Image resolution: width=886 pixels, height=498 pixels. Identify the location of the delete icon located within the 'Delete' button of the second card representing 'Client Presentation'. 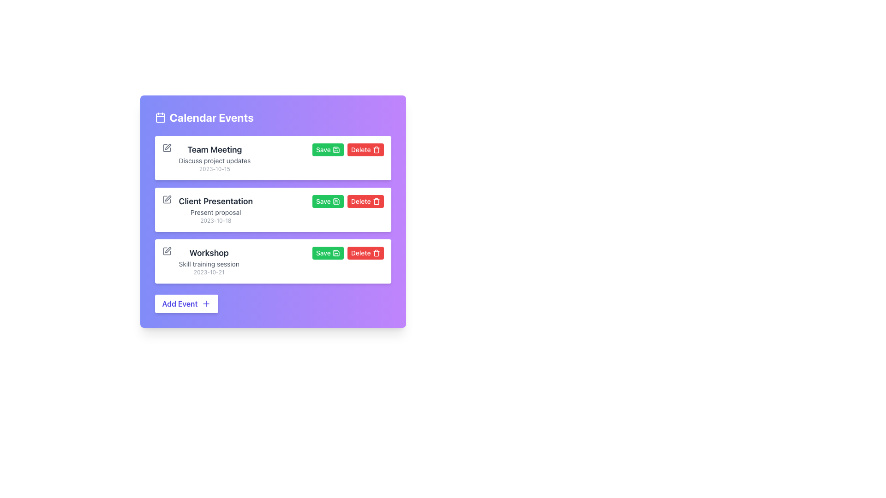
(376, 150).